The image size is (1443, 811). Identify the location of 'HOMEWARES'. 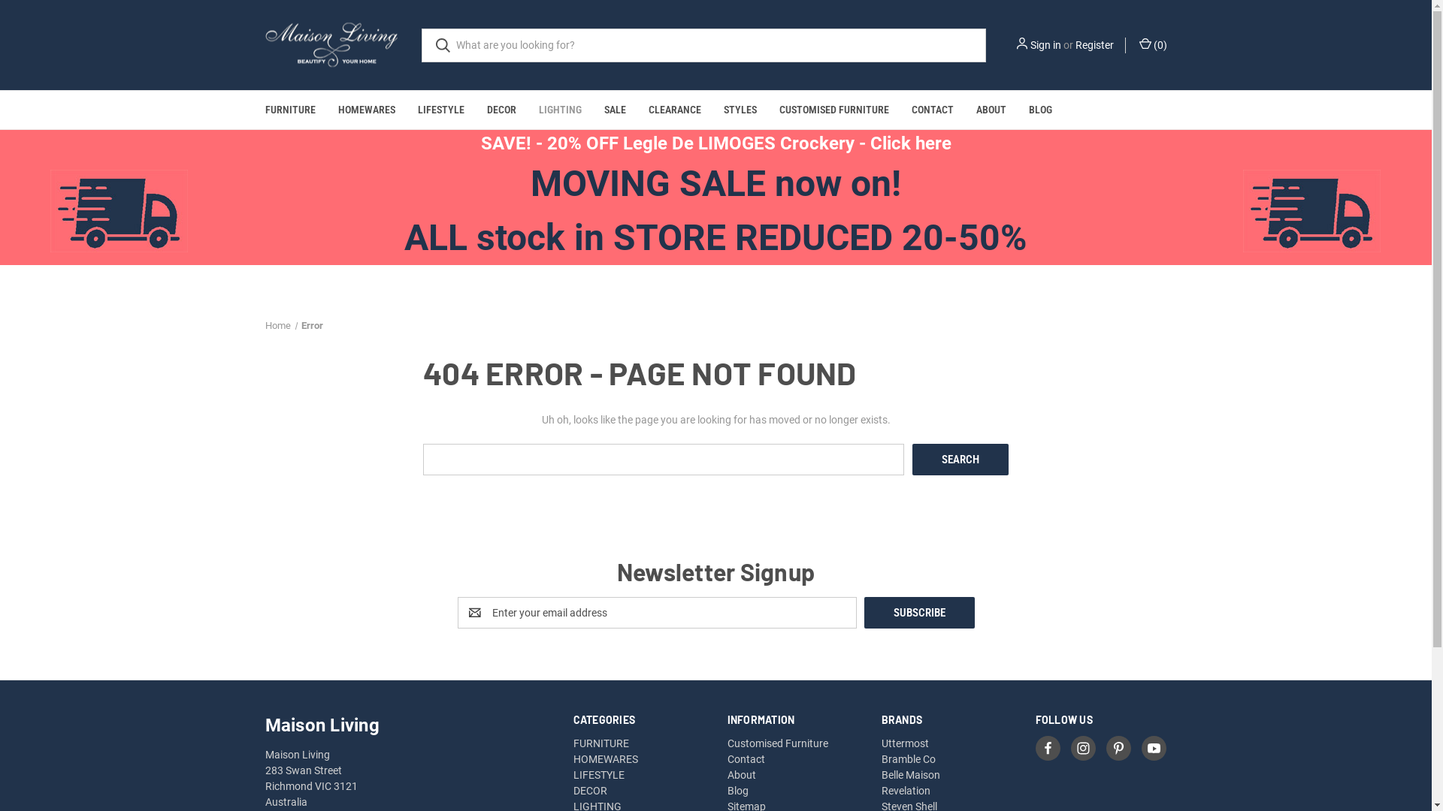
(573, 758).